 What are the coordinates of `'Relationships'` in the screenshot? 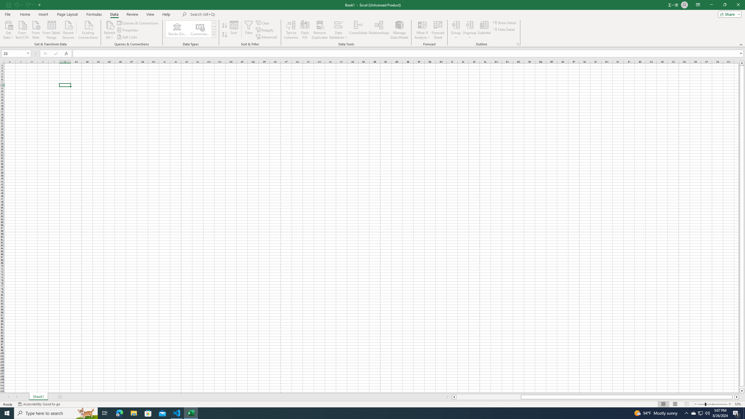 It's located at (378, 30).